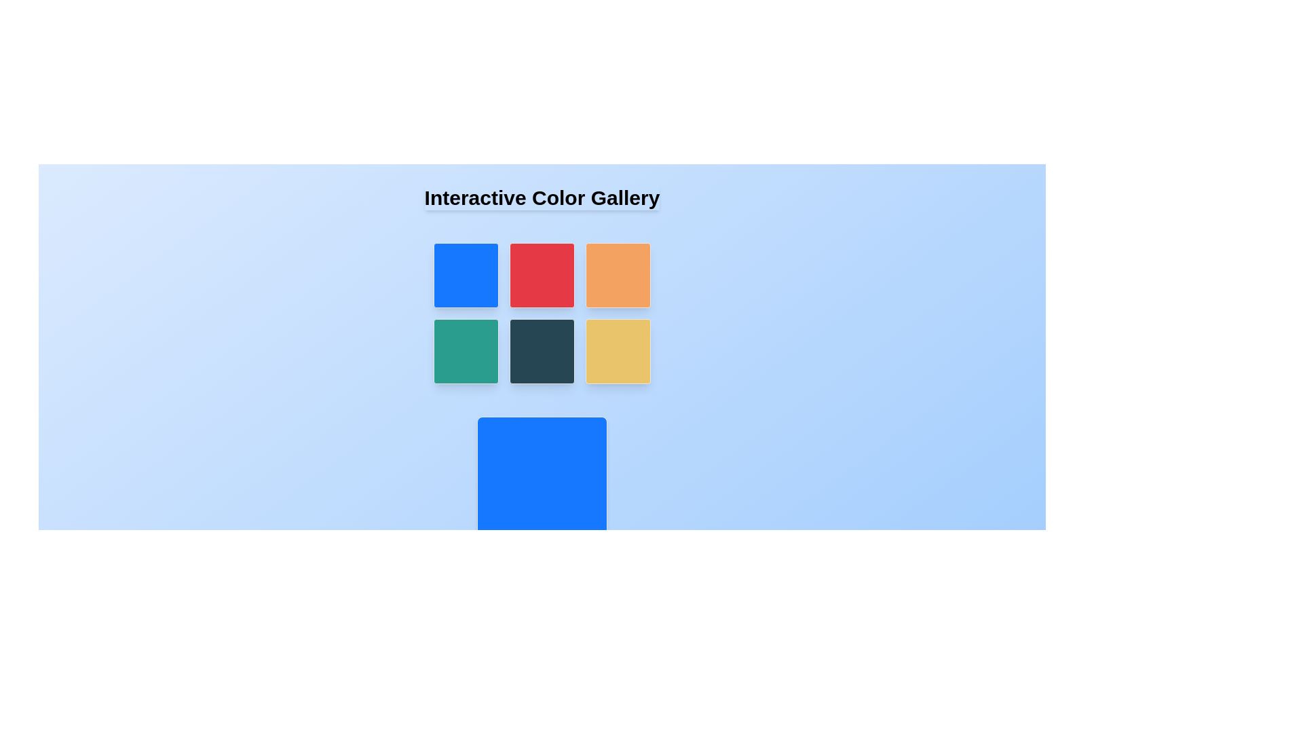  What do you see at coordinates (618, 275) in the screenshot?
I see `the interactive square button located in the top-right corner of a grid, specifically the third position in the top row` at bounding box center [618, 275].